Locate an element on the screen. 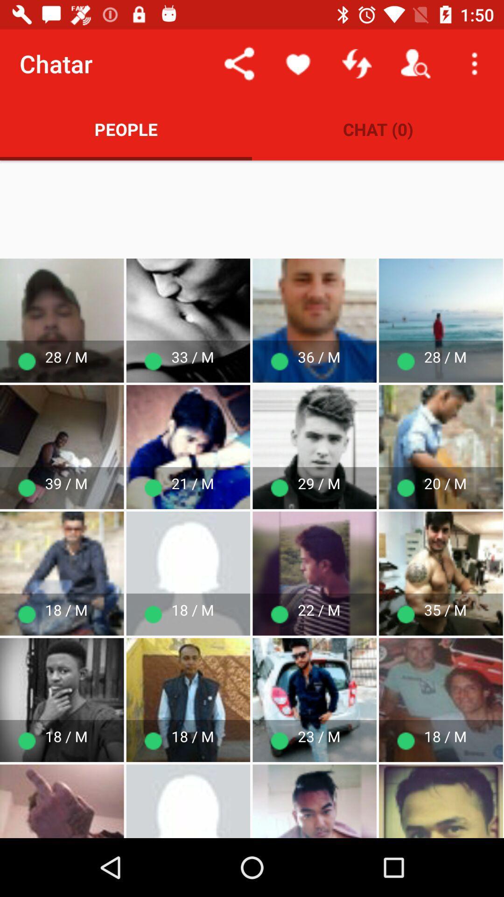 The image size is (504, 897). favorite icon is located at coordinates (298, 64).